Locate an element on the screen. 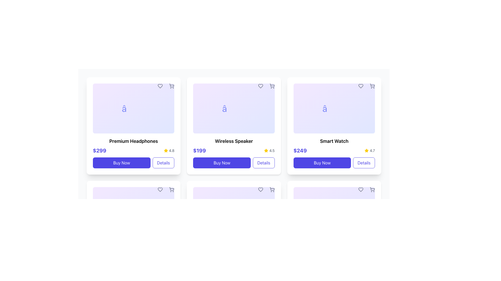  the red status marker positioned between the heart icon on the left and the cart icon on the right at the top-right corner of the card component is located at coordinates (166, 86).